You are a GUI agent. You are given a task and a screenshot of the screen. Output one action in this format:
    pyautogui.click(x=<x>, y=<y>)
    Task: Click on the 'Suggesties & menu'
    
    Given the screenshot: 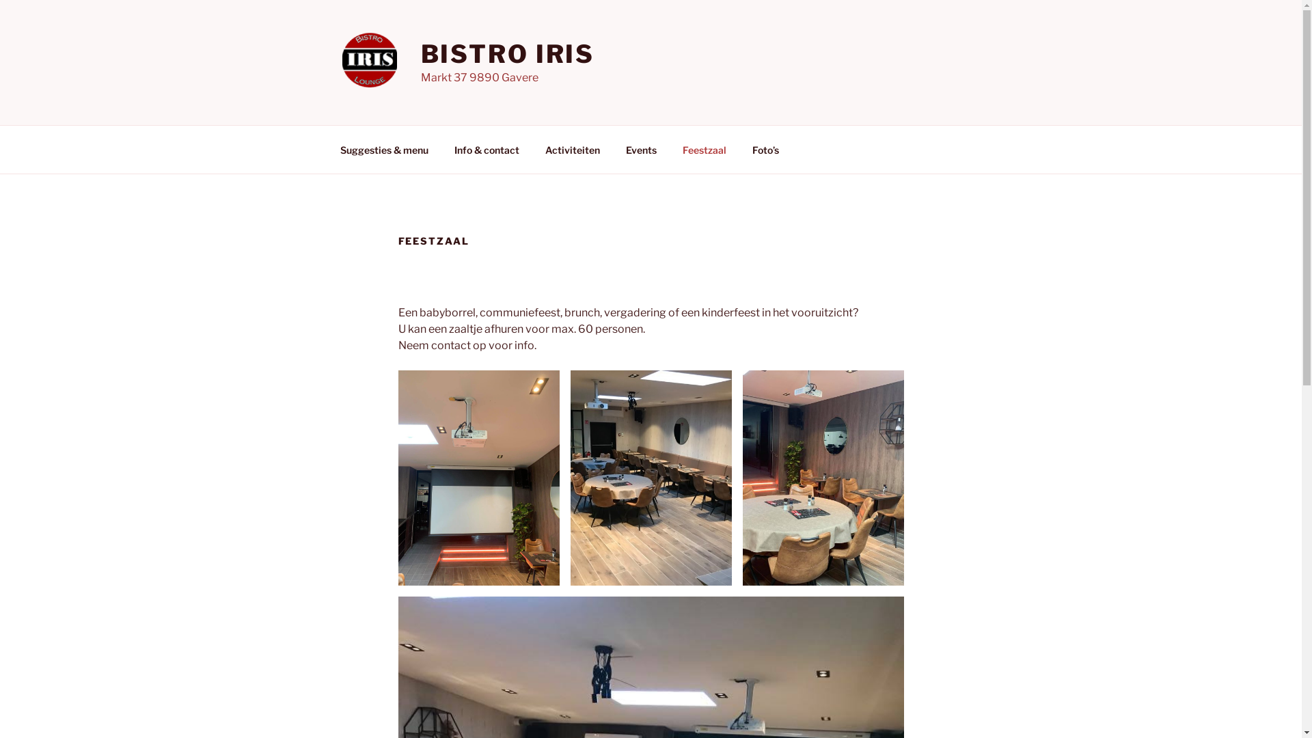 What is the action you would take?
    pyautogui.click(x=383, y=149)
    